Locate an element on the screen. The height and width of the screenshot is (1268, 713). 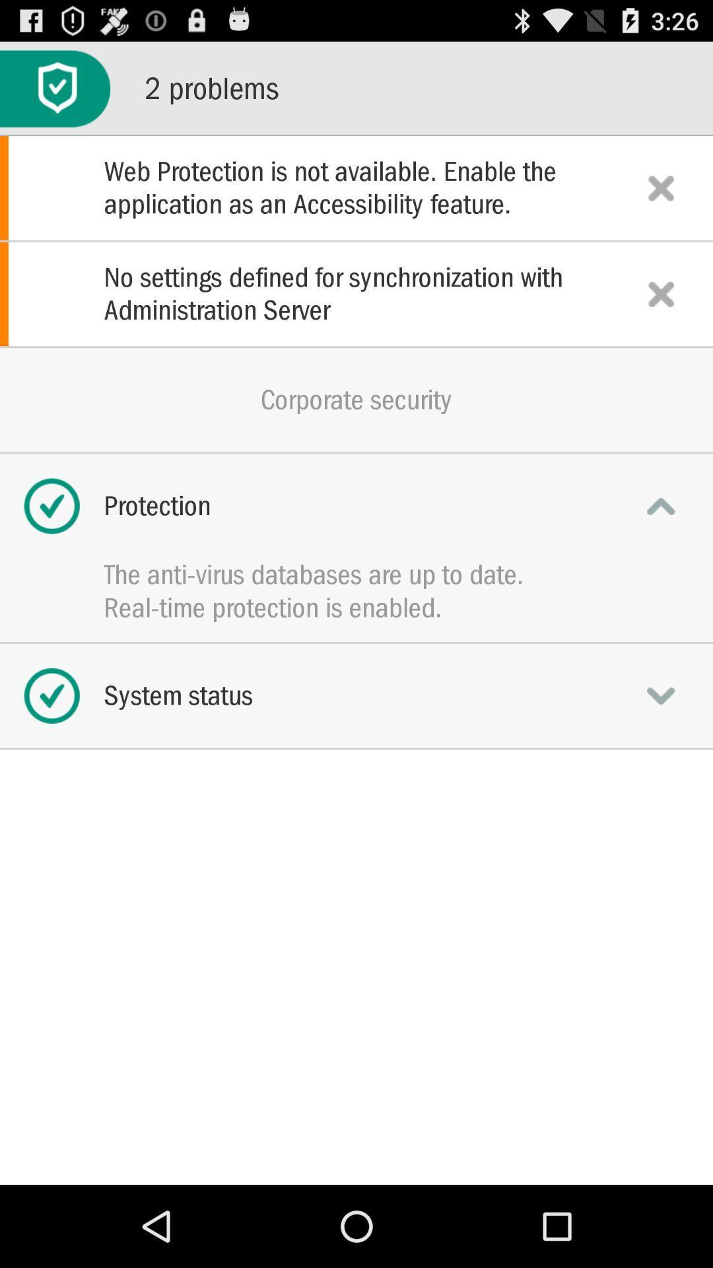
collapse is located at coordinates (661, 505).